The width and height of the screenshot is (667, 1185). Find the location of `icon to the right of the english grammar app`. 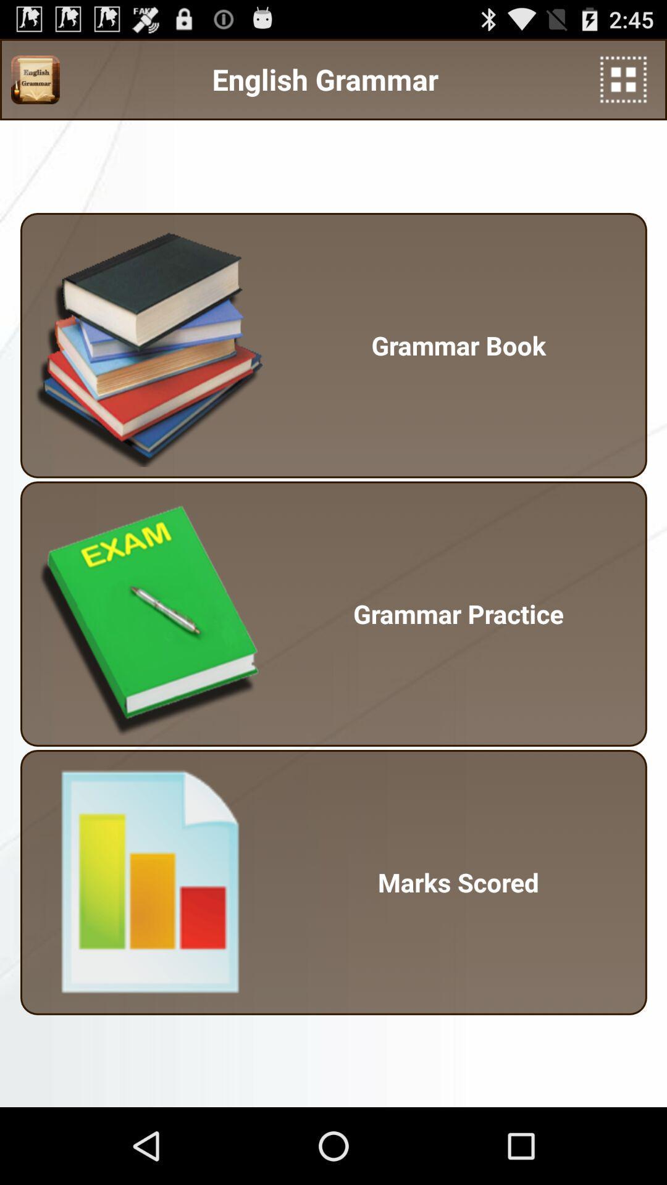

icon to the right of the english grammar app is located at coordinates (623, 79).